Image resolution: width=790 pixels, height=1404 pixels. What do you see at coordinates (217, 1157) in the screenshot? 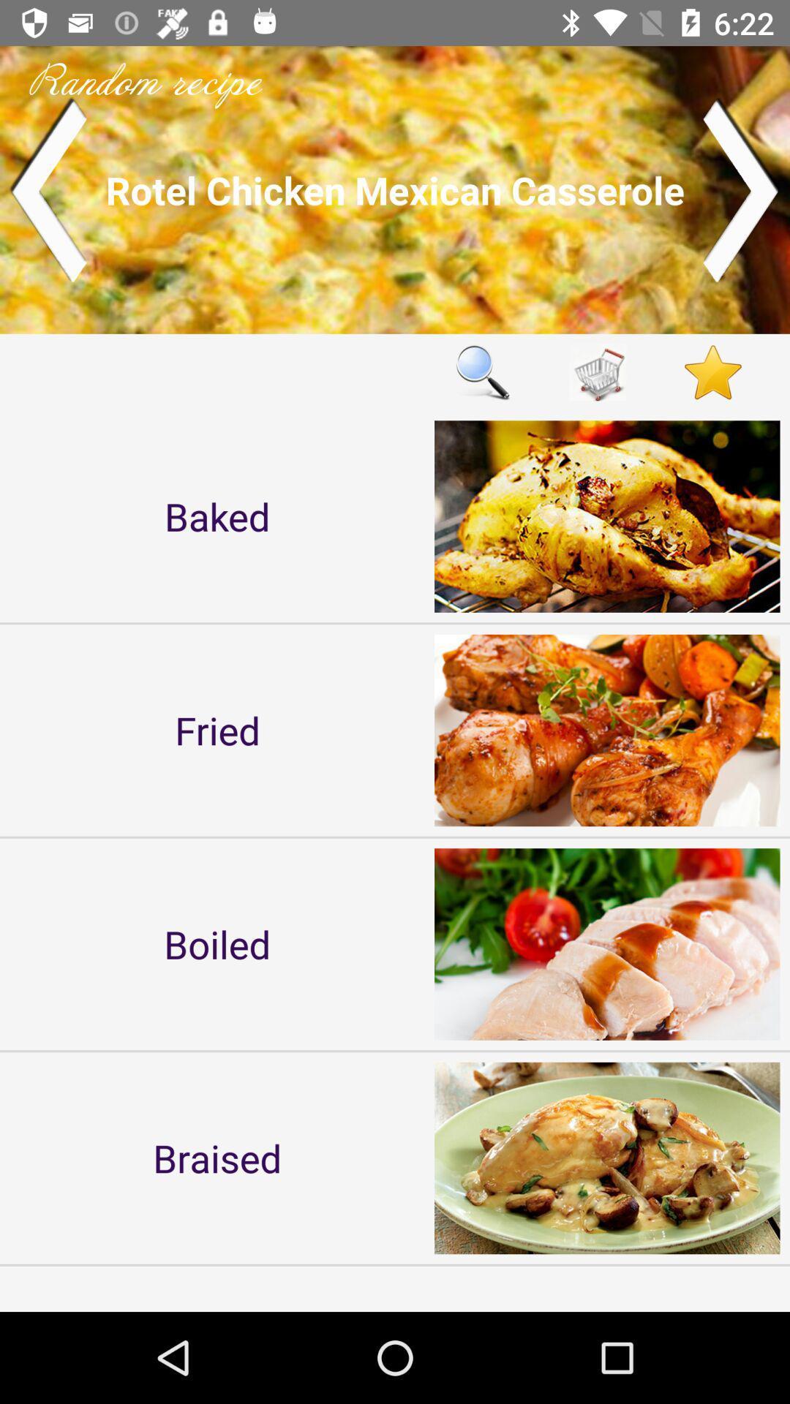
I see `item below boiled` at bounding box center [217, 1157].